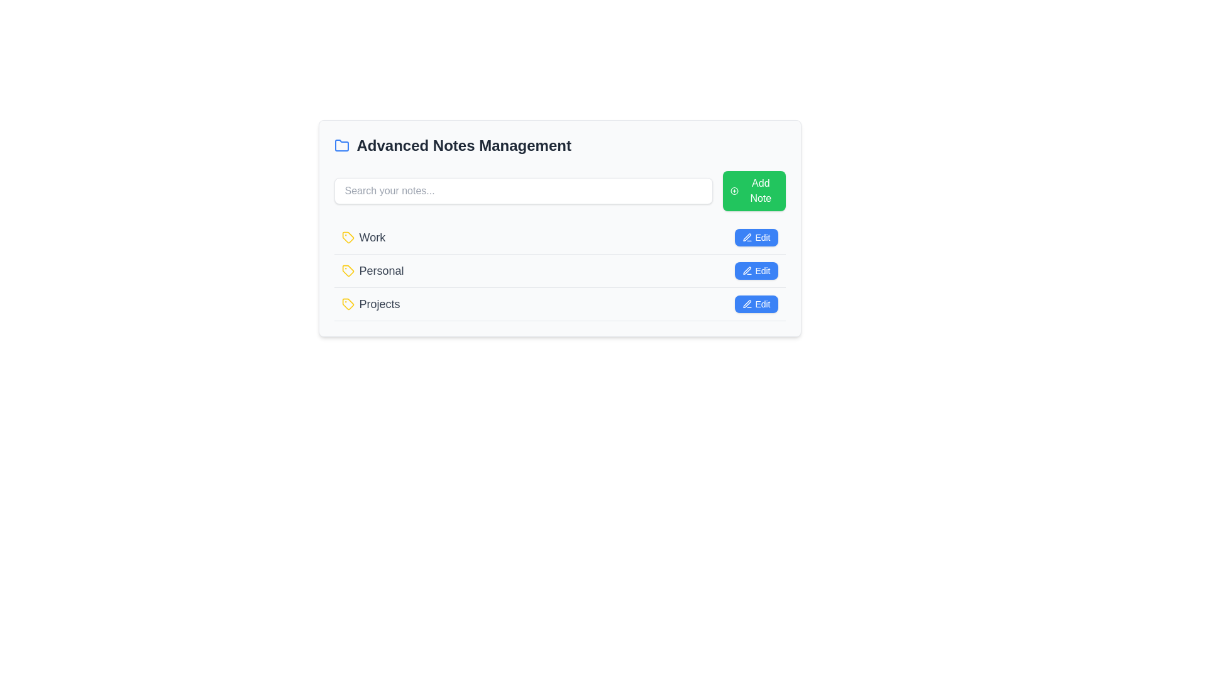 This screenshot has width=1207, height=679. Describe the element at coordinates (747, 238) in the screenshot. I see `the pen icon located to the left of the 'Edit' text within the button` at that location.